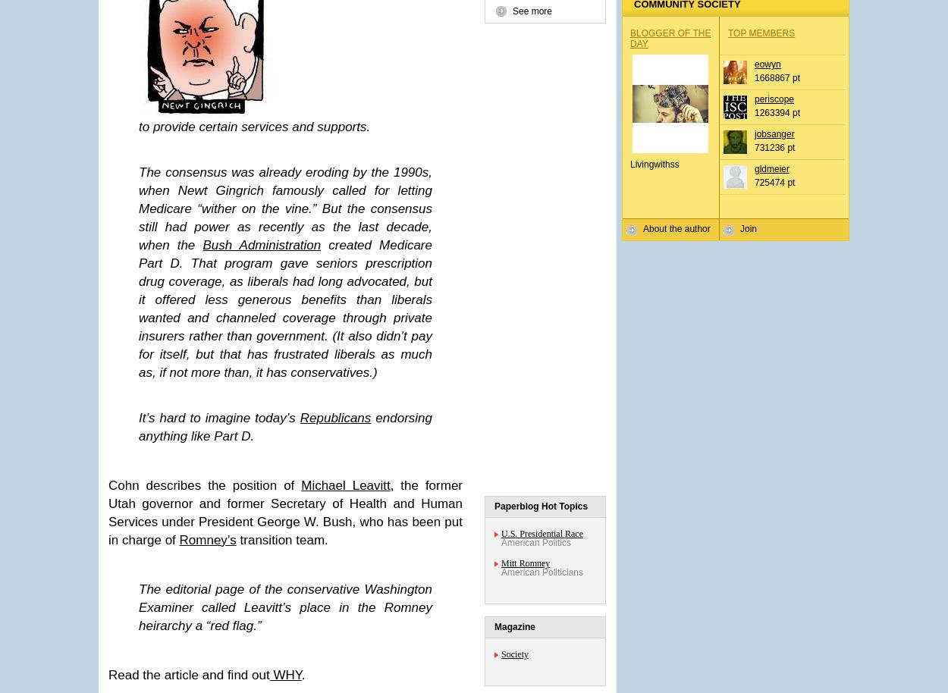 This screenshot has width=948, height=693. I want to click on '1263394 pt', so click(777, 111).